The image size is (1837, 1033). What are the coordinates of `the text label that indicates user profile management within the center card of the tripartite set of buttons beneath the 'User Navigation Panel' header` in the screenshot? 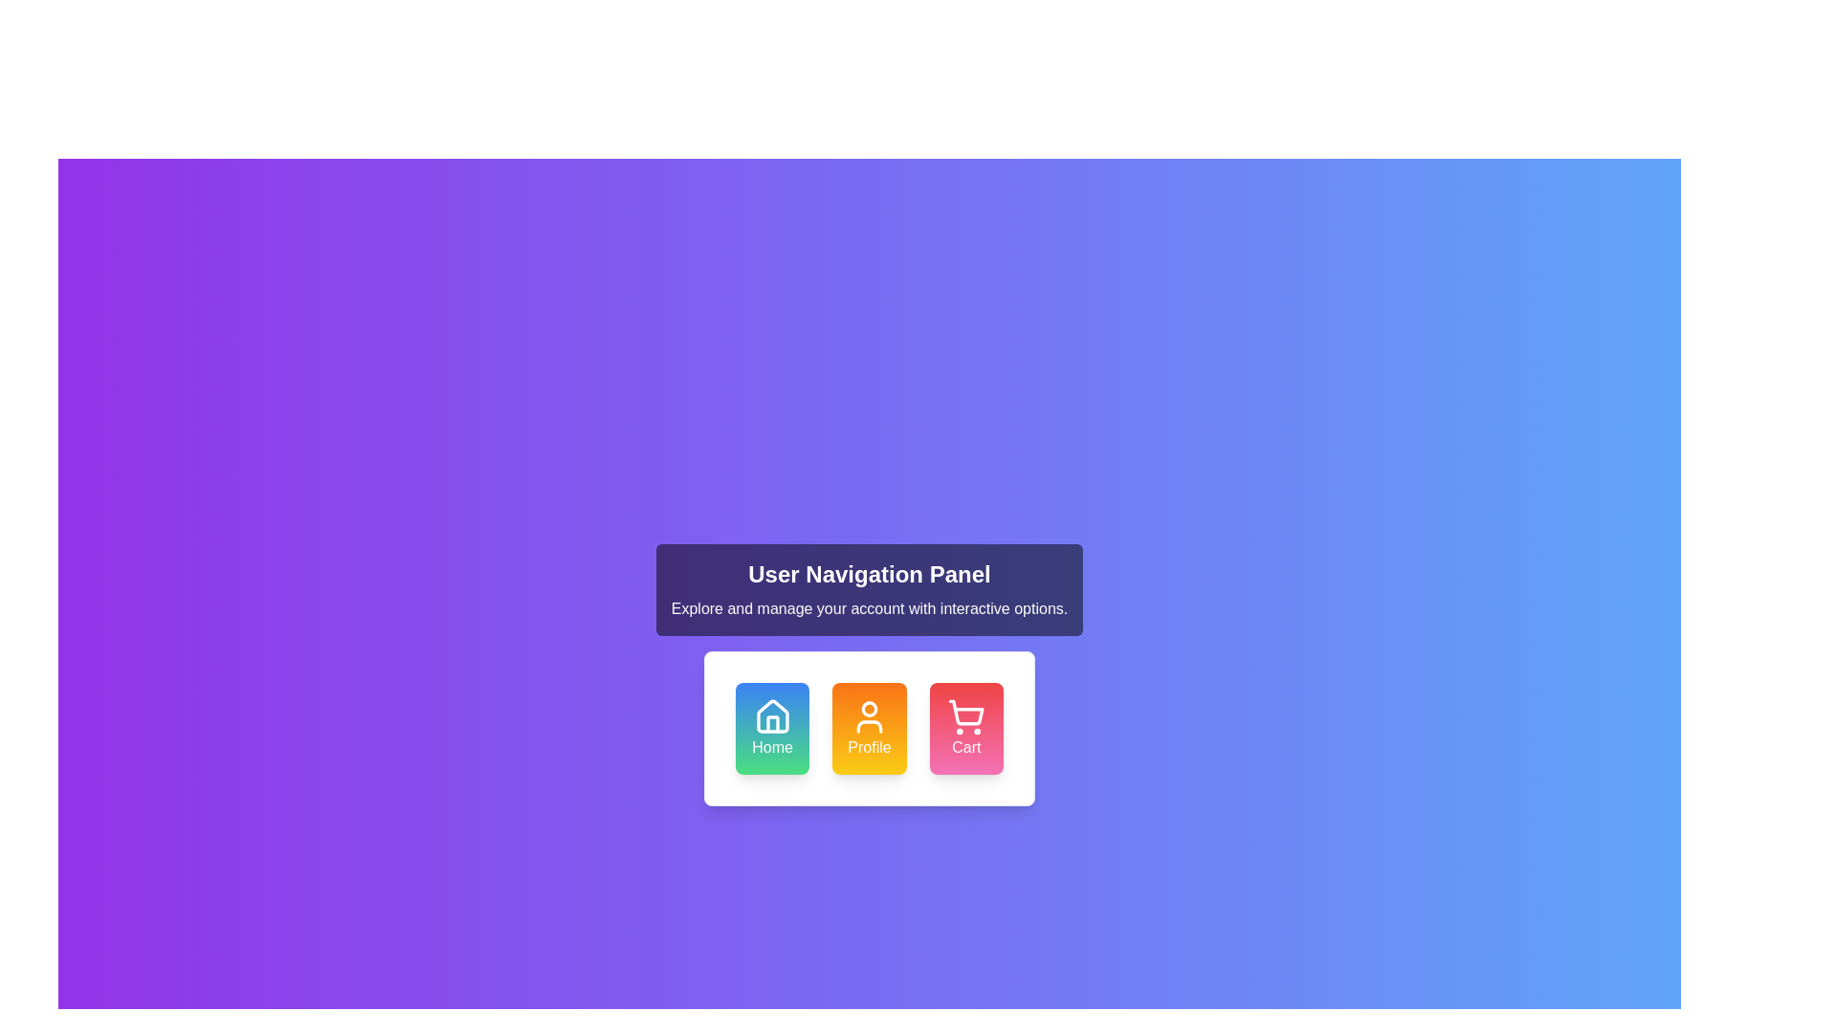 It's located at (868, 747).